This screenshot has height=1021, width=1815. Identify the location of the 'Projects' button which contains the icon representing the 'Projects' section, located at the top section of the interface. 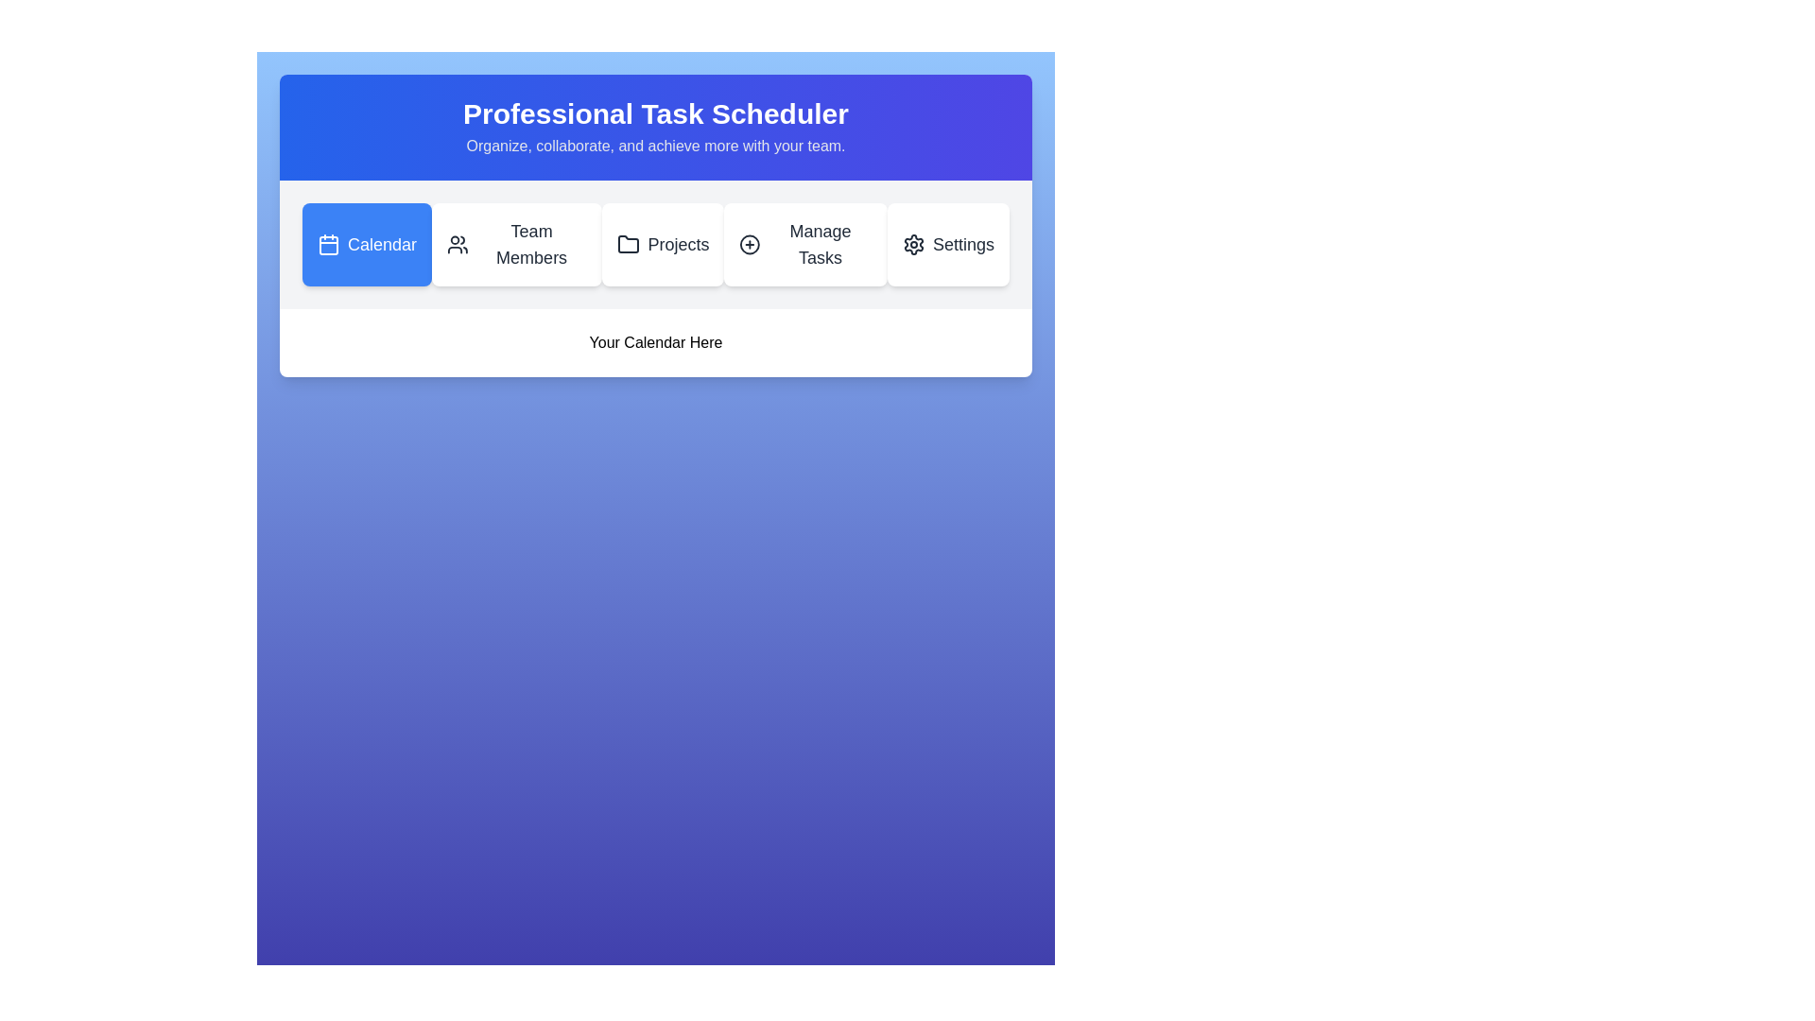
(629, 243).